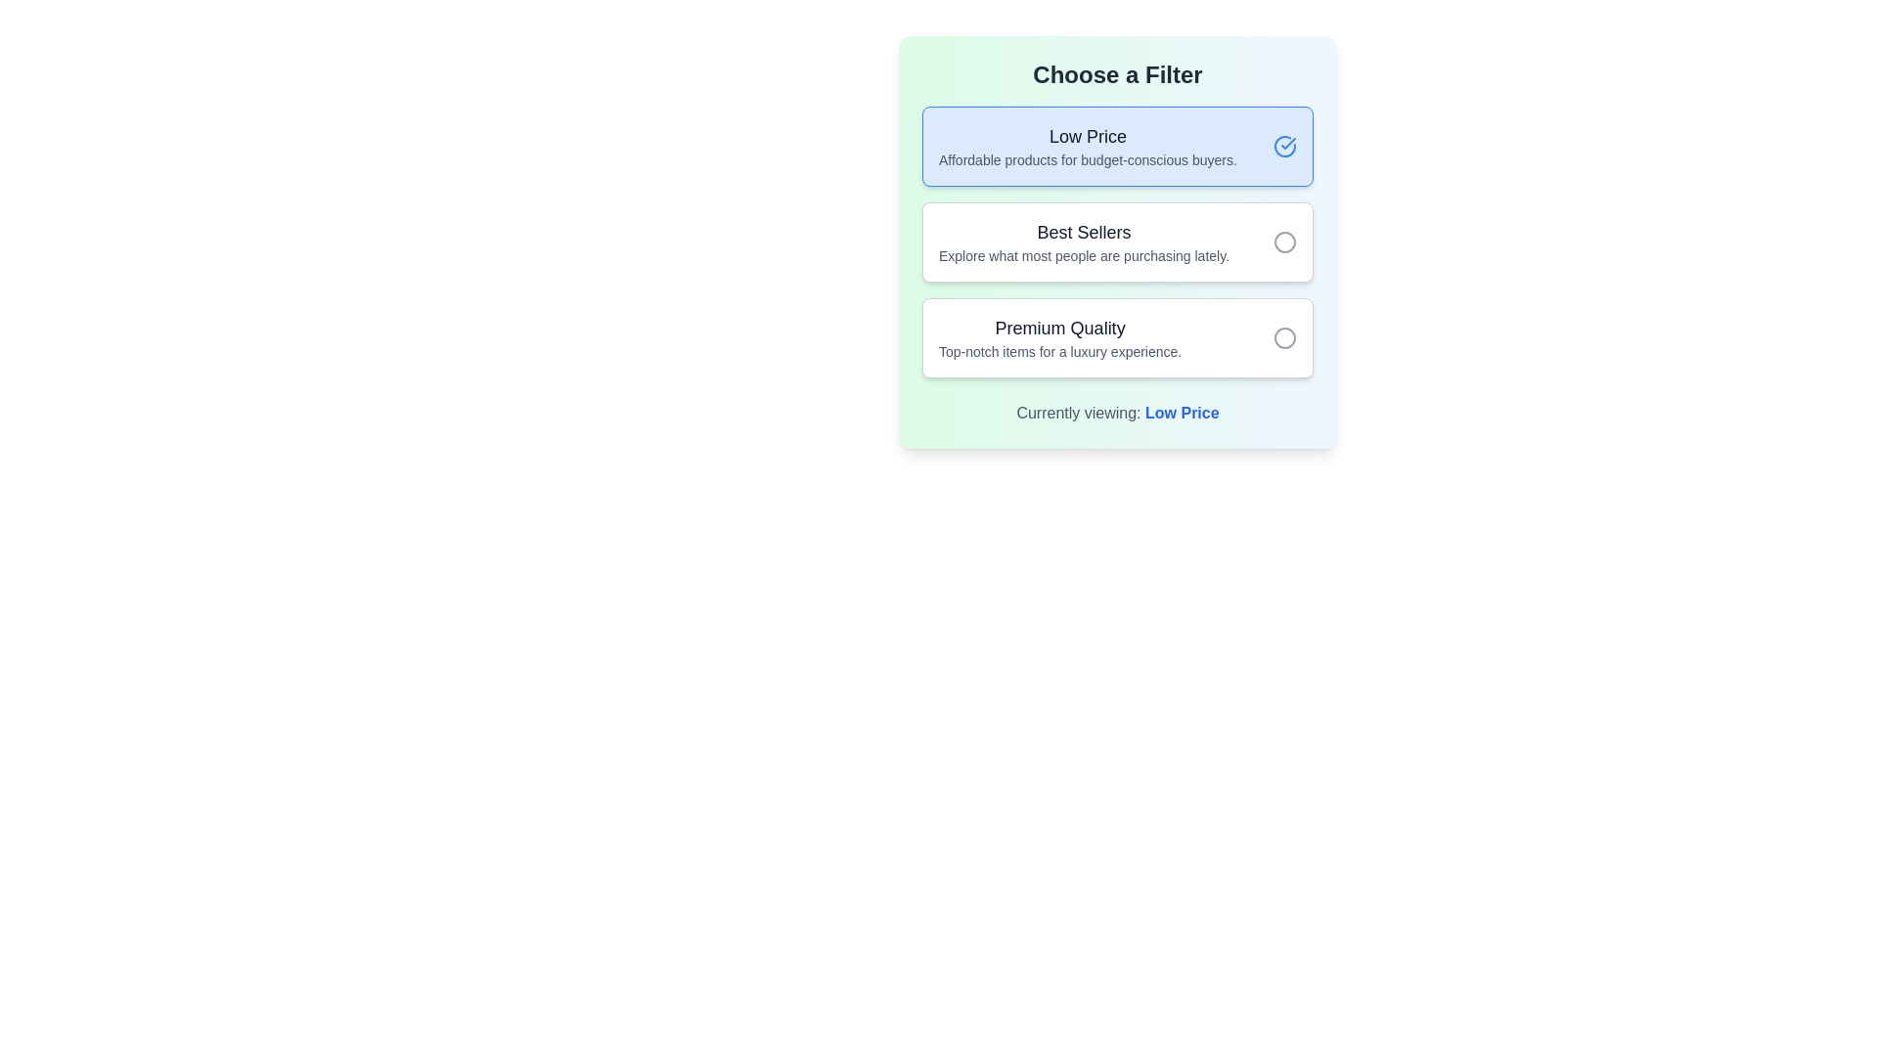 The width and height of the screenshot is (1878, 1056). I want to click on the circular icon with a gray outer border located within the 'Best Sellers' button, positioned to the right of the button's text, so click(1285, 241).